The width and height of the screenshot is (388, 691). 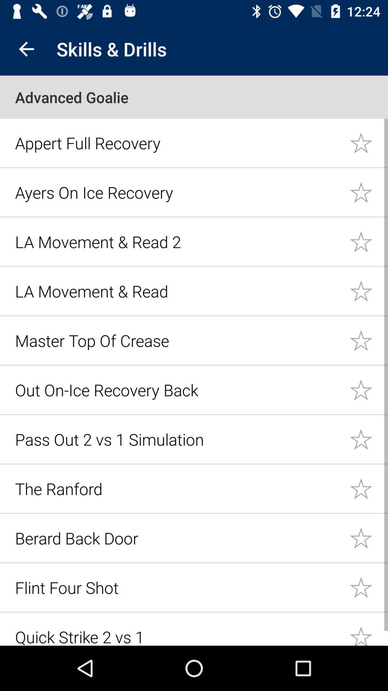 What do you see at coordinates (369, 439) in the screenshot?
I see `pass out 2 vs 1 simulation` at bounding box center [369, 439].